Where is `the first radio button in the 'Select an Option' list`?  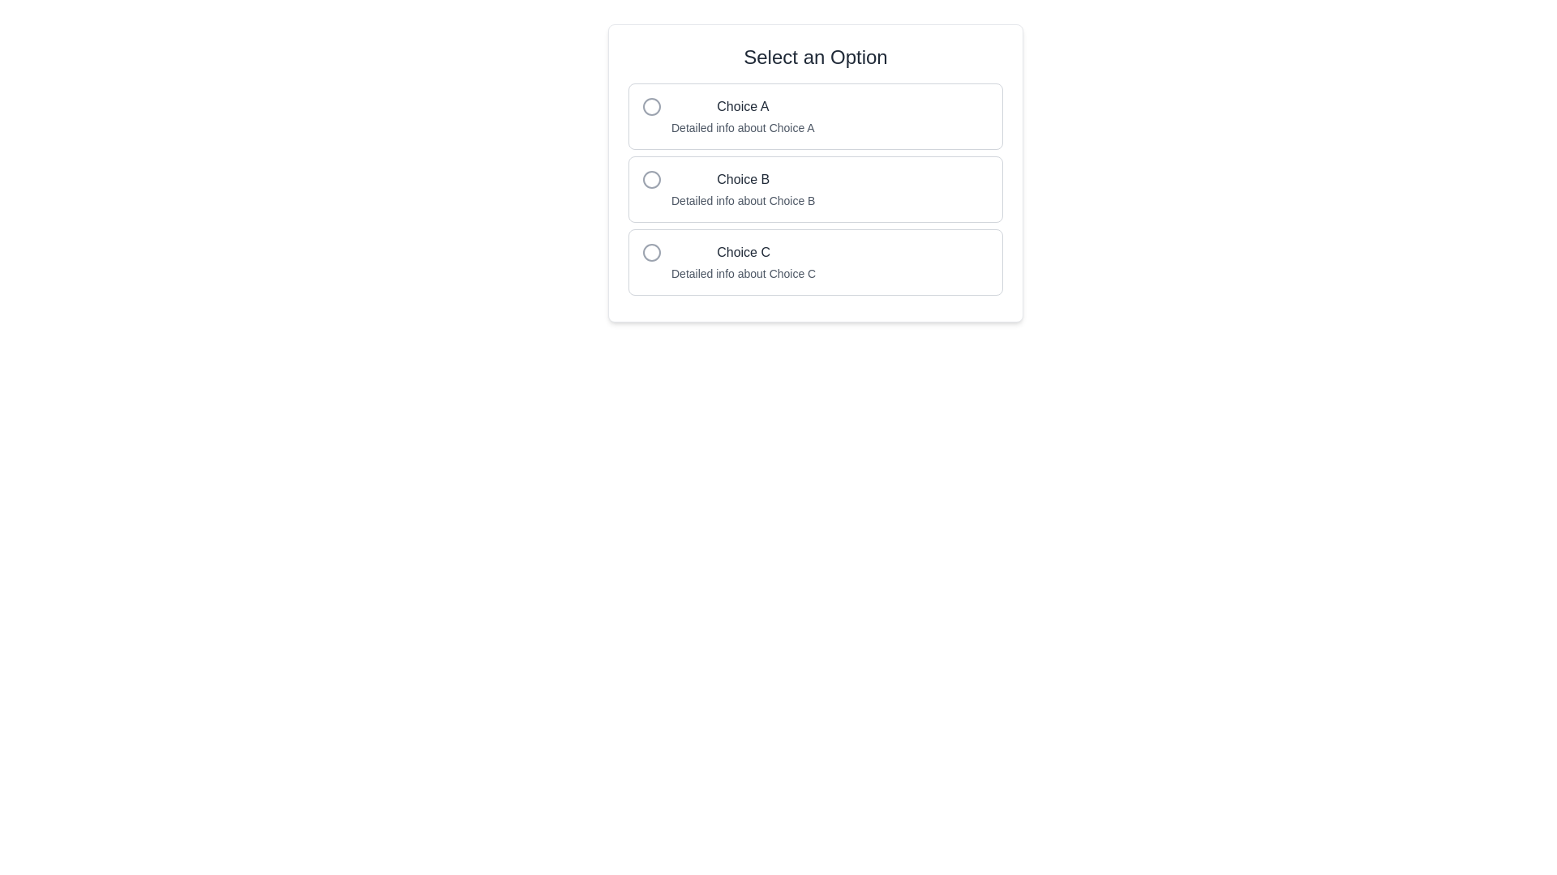
the first radio button in the 'Select an Option' list is located at coordinates (816, 115).